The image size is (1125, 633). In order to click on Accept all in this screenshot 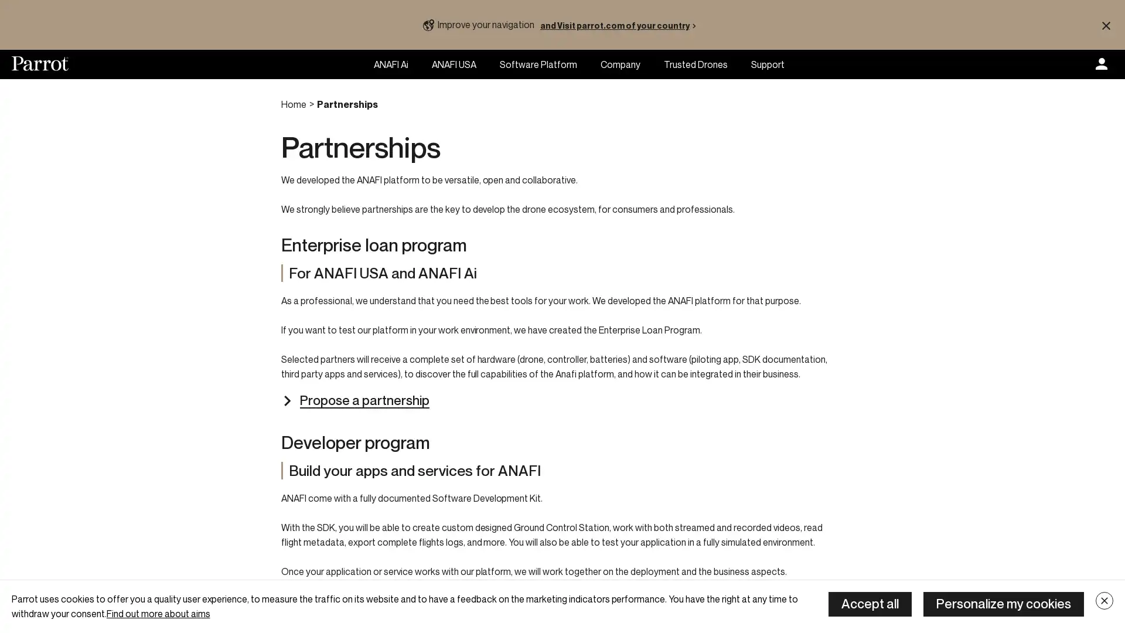, I will do `click(870, 604)`.